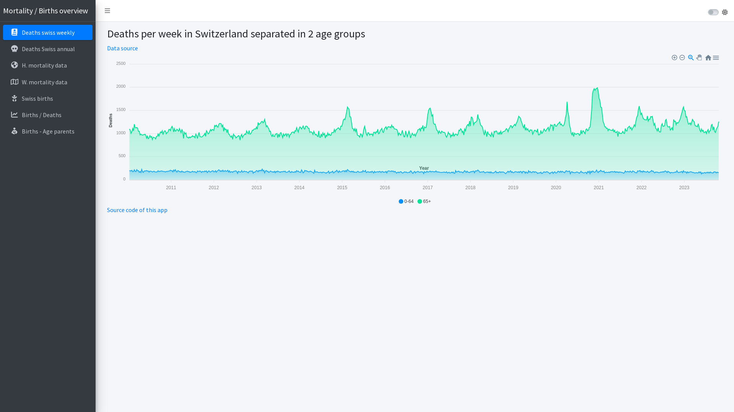 The width and height of the screenshot is (734, 412). I want to click on 'Zoom Out', so click(682, 57).